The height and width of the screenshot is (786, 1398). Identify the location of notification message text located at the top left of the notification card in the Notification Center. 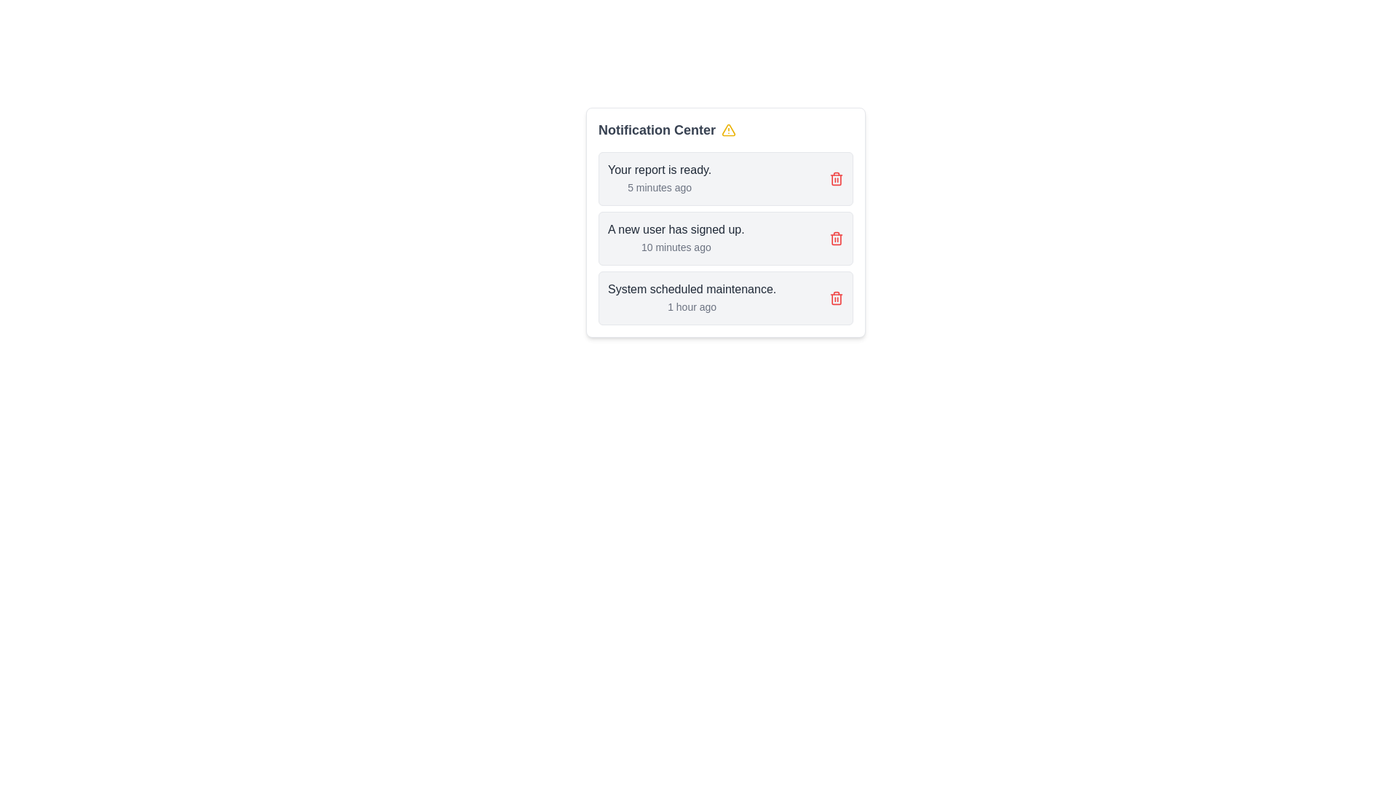
(659, 170).